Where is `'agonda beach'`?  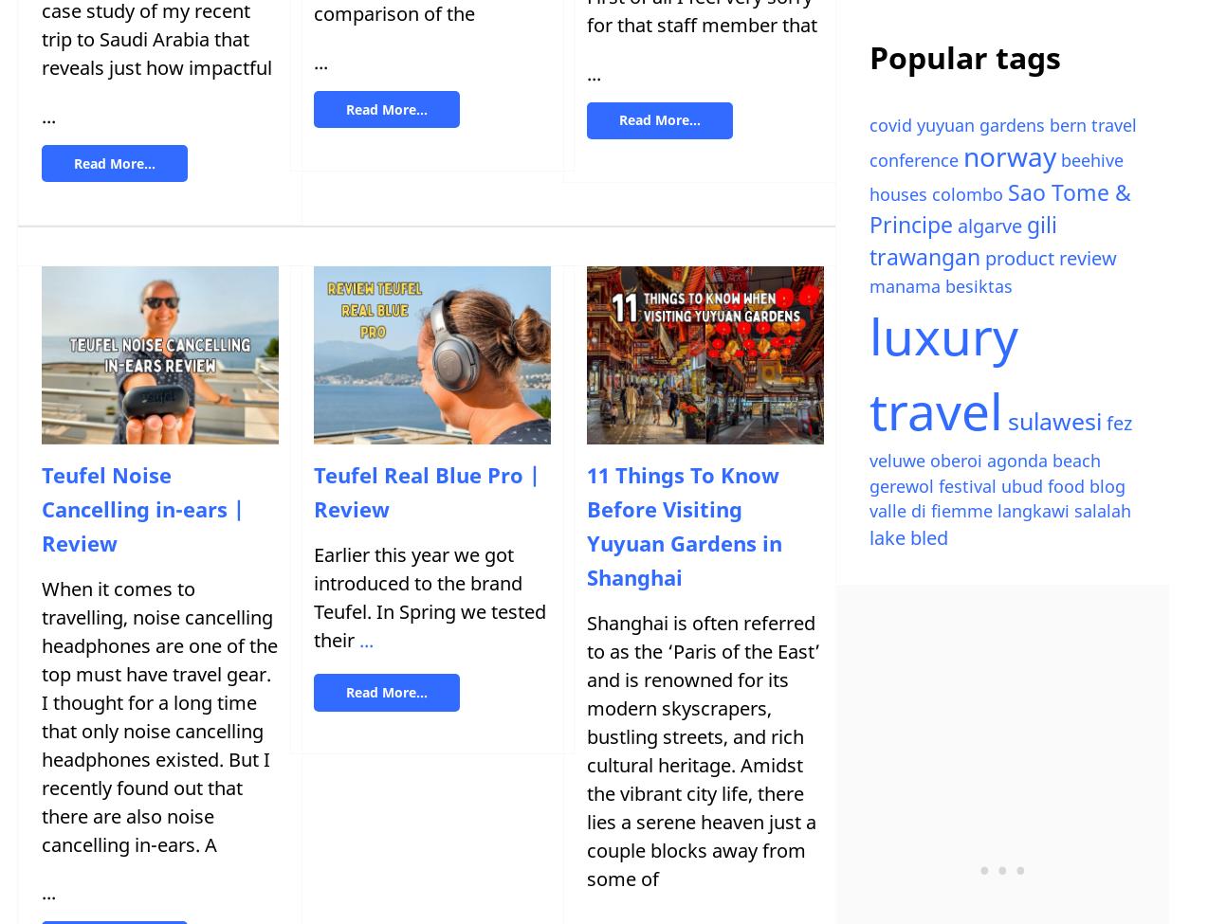 'agonda beach' is located at coordinates (1043, 461).